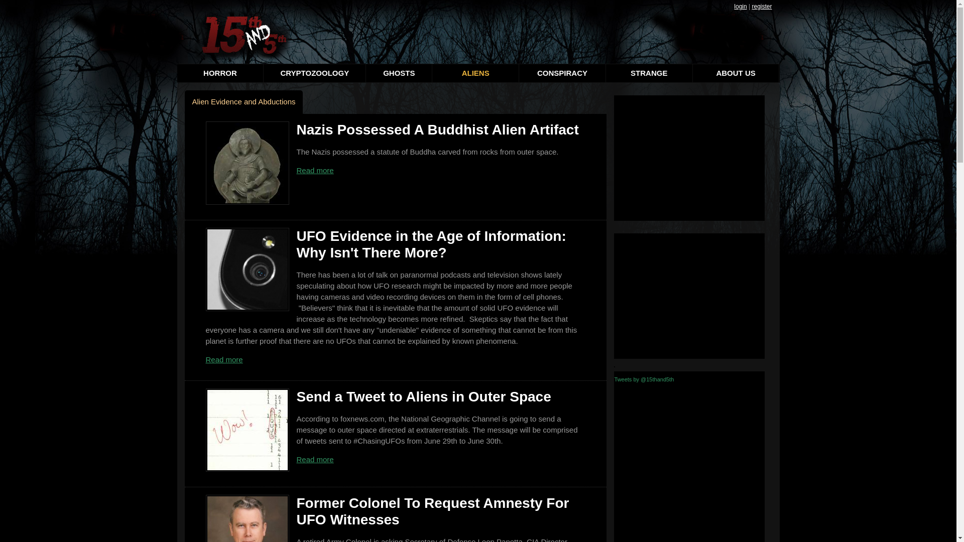  I want to click on 'GHOSTS', so click(399, 73).